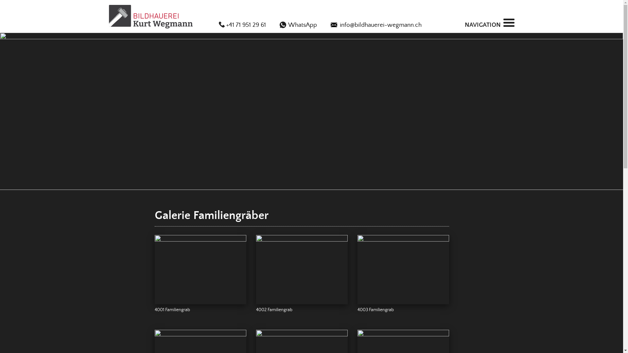 The height and width of the screenshot is (353, 628). What do you see at coordinates (218, 25) in the screenshot?
I see `'+41 71 951 29 61'` at bounding box center [218, 25].